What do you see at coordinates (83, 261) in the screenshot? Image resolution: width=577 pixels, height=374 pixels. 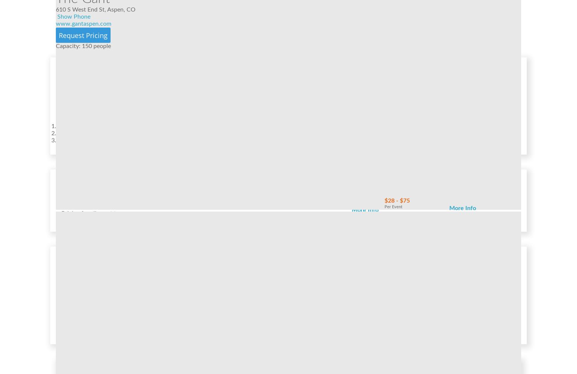 I see `'Event Spaces'` at bounding box center [83, 261].